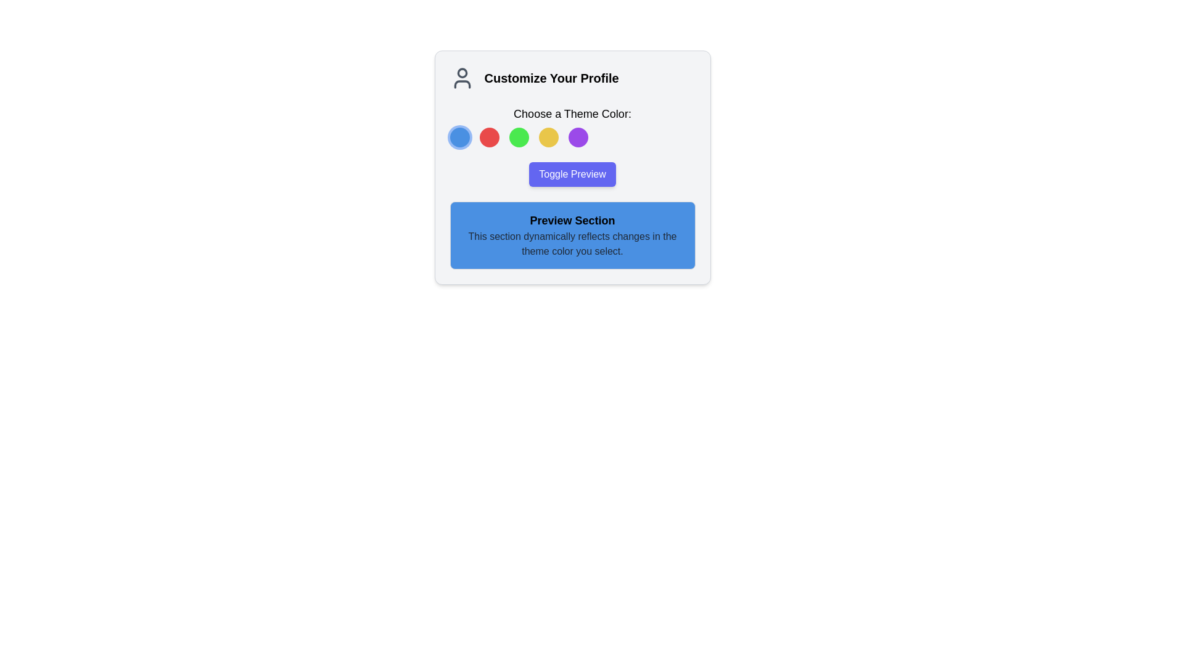 The height and width of the screenshot is (666, 1184). Describe the element at coordinates (572, 244) in the screenshot. I see `the Static Text Block that displays the message 'This section dynamically reflects changes in the theme color you select.' which is styled in gray and located within a blue preview area below the title 'Preview Section'` at that location.